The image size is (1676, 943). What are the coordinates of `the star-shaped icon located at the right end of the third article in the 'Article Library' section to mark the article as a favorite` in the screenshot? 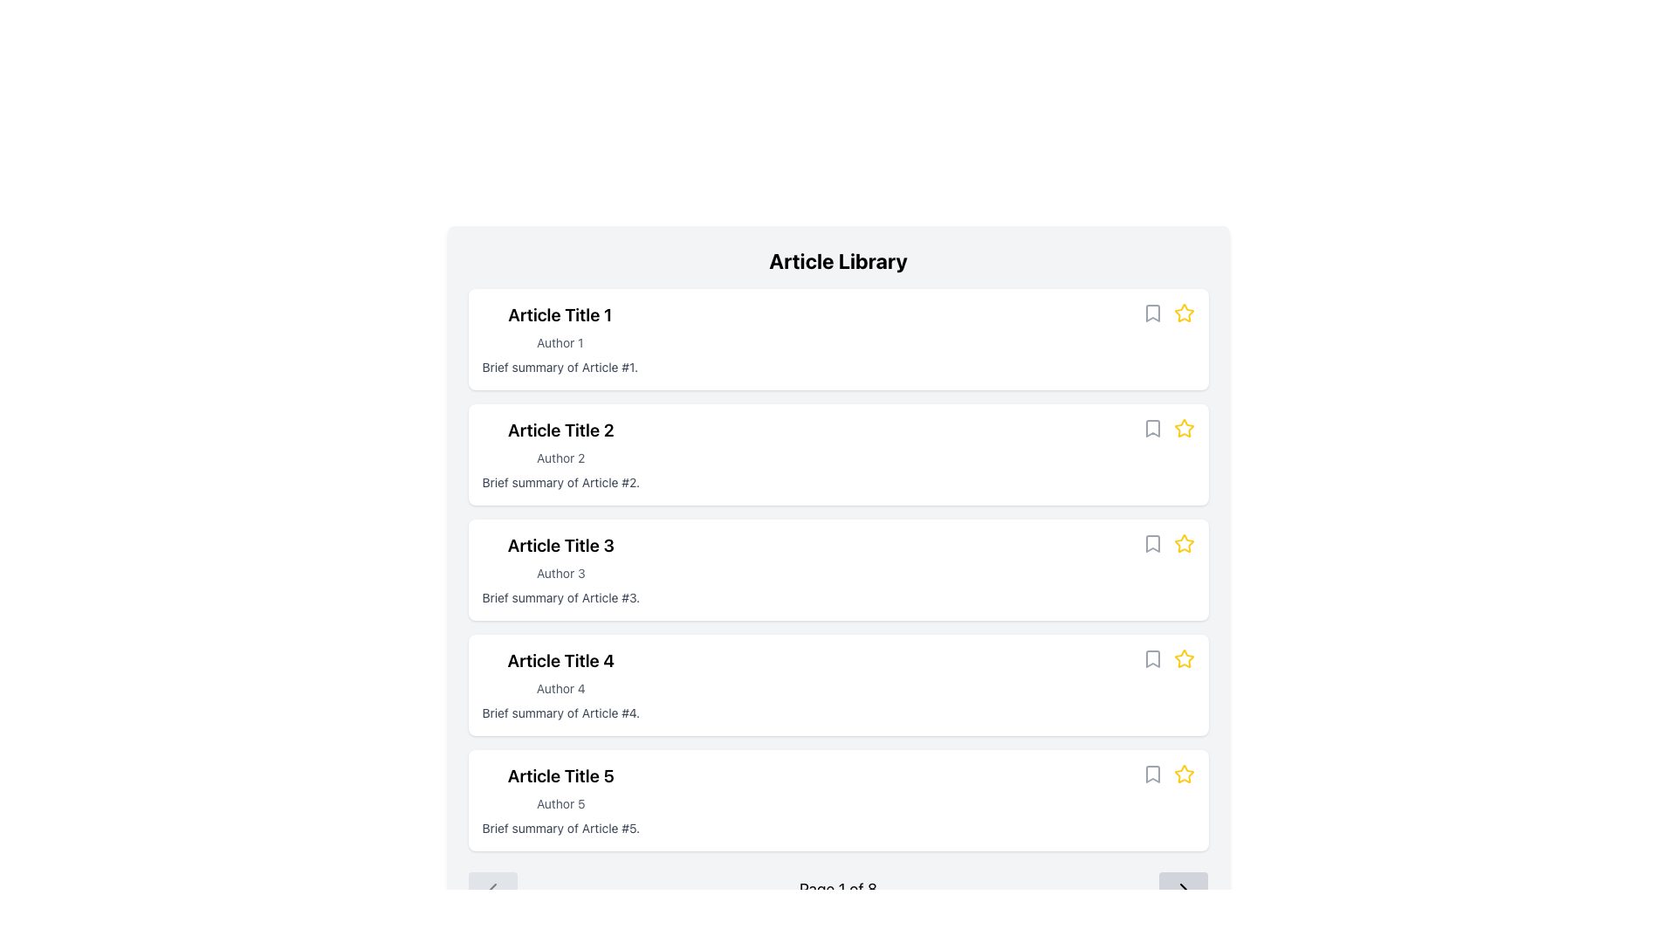 It's located at (1184, 428).